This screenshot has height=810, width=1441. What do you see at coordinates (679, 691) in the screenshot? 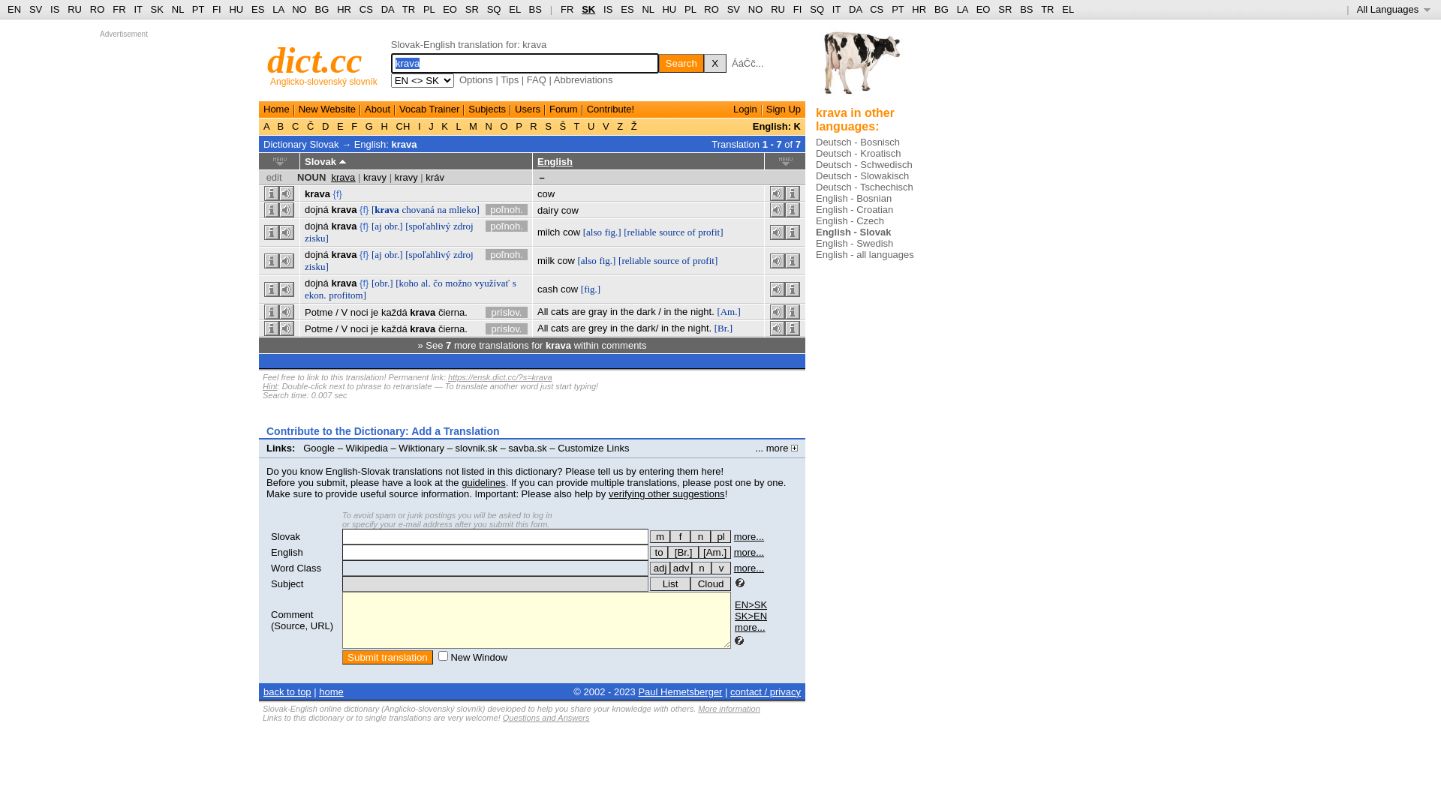
I see `'Paul Hemetsberger'` at bounding box center [679, 691].